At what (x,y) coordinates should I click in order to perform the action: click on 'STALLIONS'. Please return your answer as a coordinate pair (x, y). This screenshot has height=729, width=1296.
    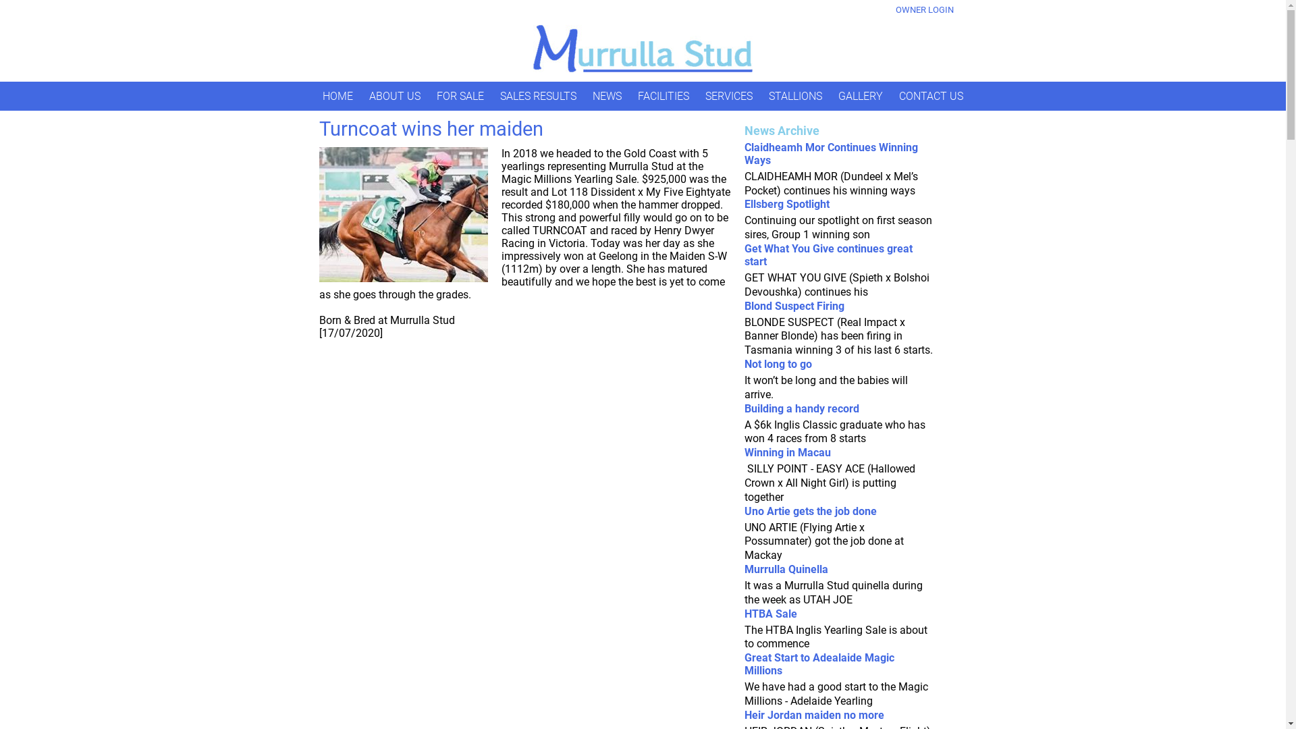
    Looking at the image, I should click on (799, 95).